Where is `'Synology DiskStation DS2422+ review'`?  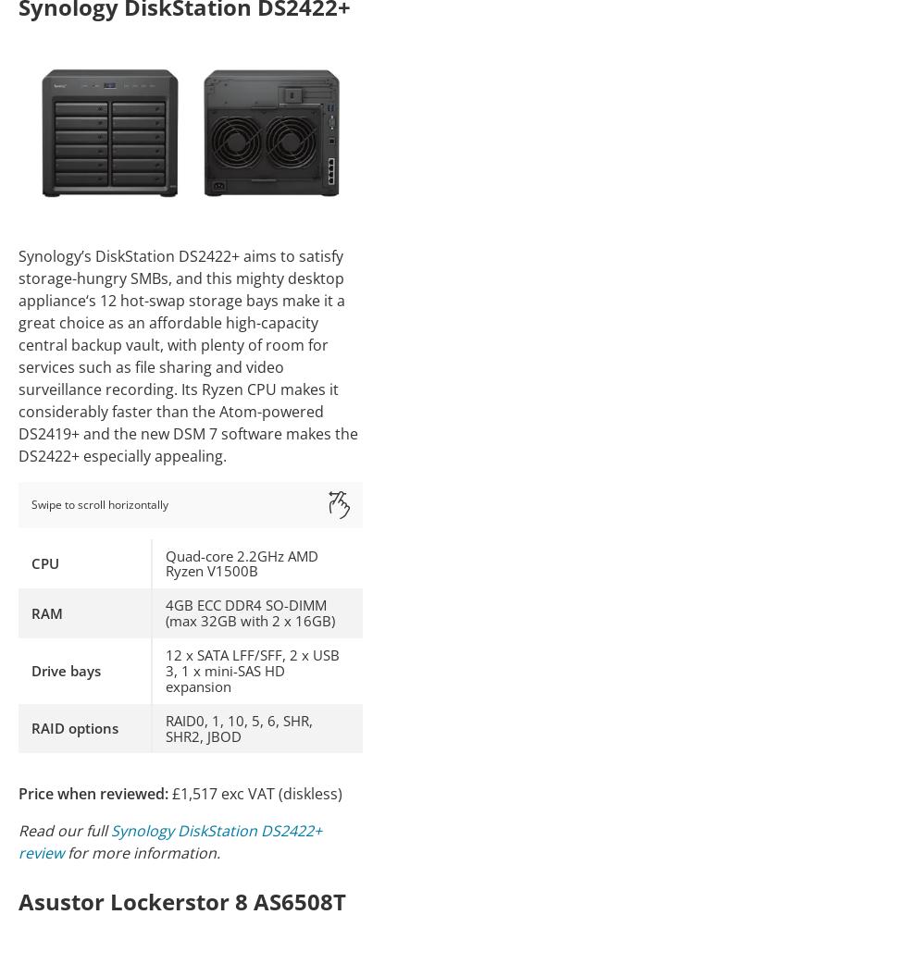
'Synology DiskStation DS2422+ review' is located at coordinates (170, 840).